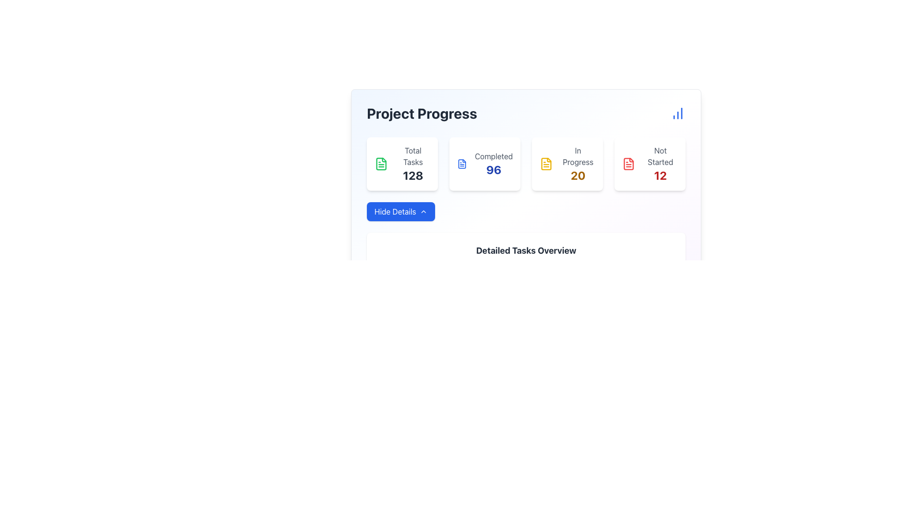 The image size is (916, 515). Describe the element at coordinates (485, 163) in the screenshot. I see `the Statistical Display Card displaying '96' completed tasks, which is the second card in a grid layout, positioned between 'Total Tasks 128' and 'In Progress 20'` at that location.